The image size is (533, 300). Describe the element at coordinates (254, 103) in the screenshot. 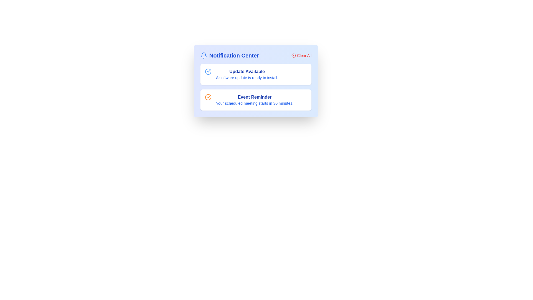

I see `the text label displaying 'Your scheduled meeting starts in 30 minutes.' located beneath the 'Event Reminder' label in the notification section` at that location.